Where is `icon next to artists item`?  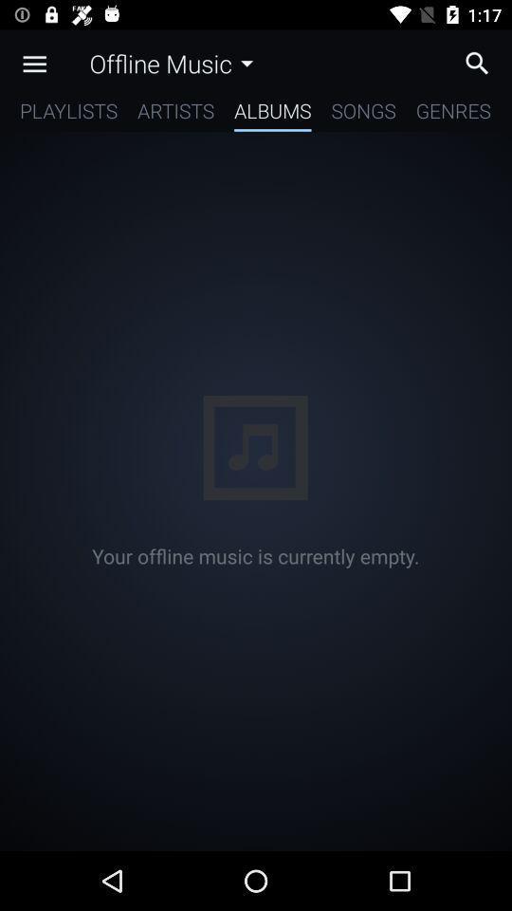
icon next to artists item is located at coordinates (271, 114).